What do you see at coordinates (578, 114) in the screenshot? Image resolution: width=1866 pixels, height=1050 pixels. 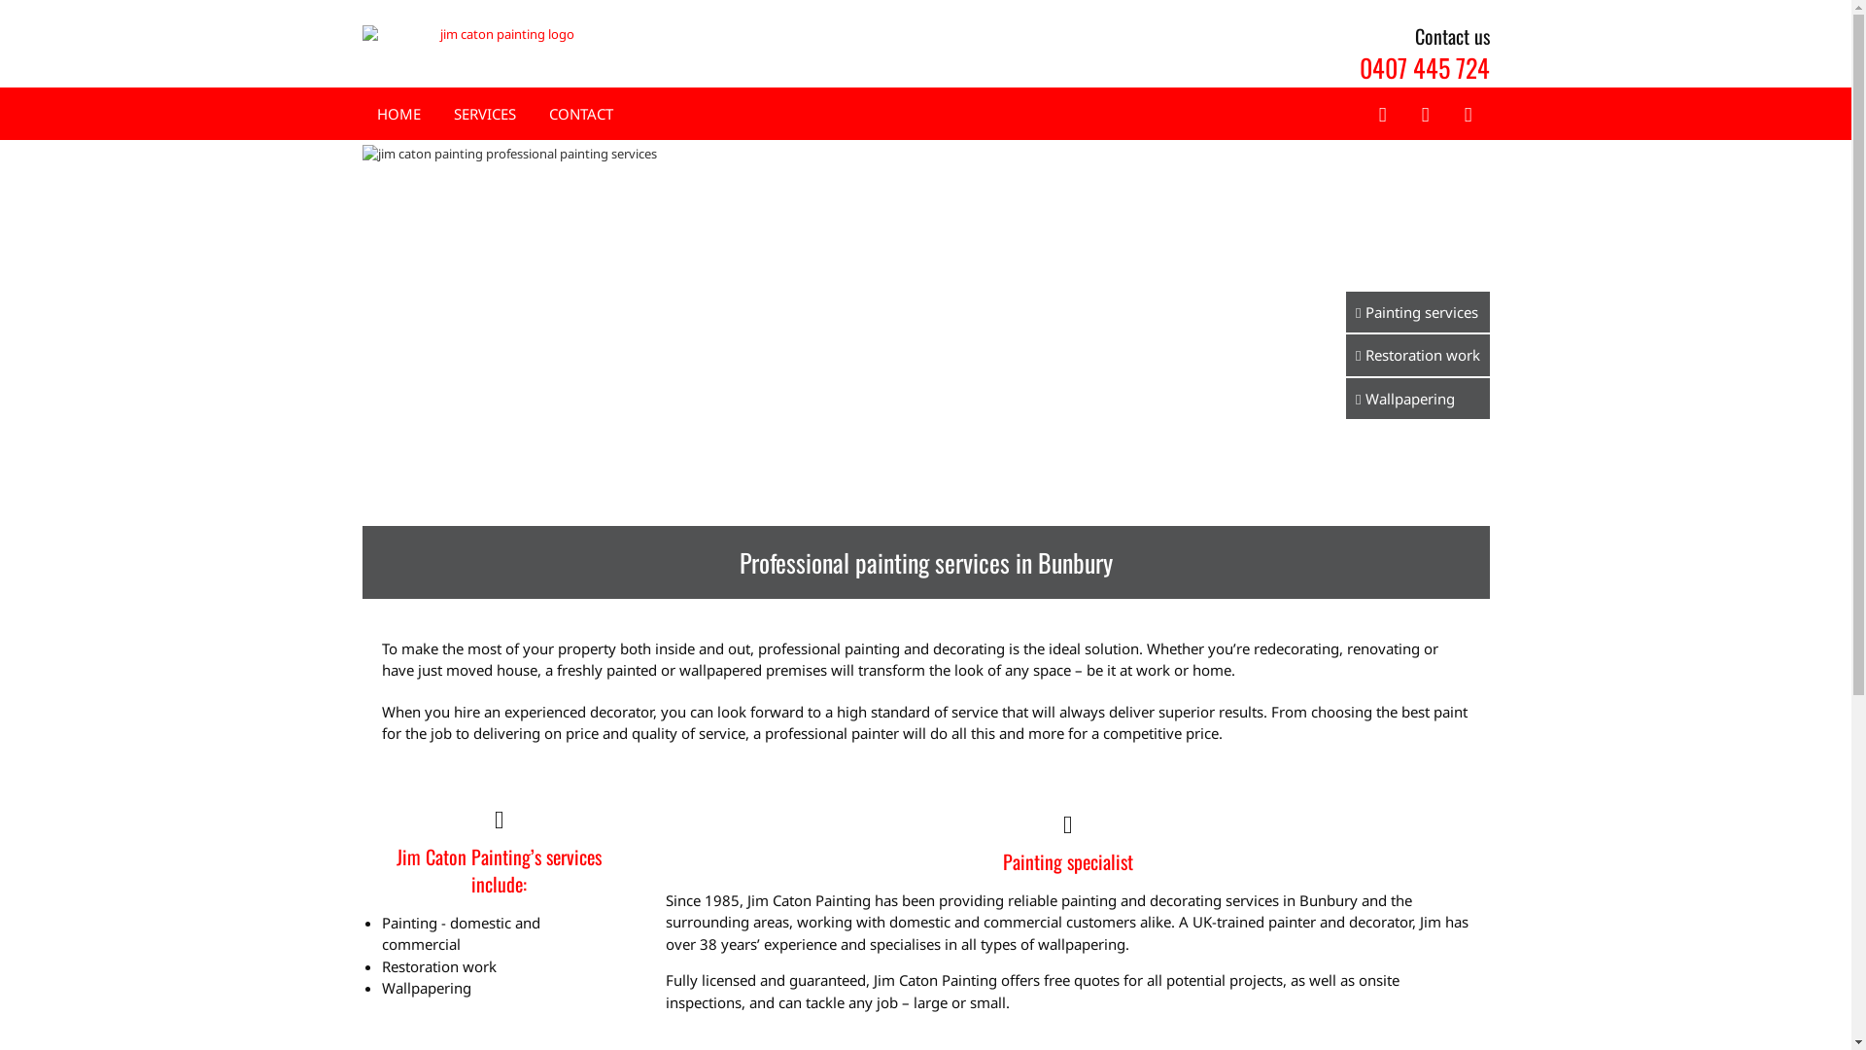 I see `'CONTACT'` at bounding box center [578, 114].